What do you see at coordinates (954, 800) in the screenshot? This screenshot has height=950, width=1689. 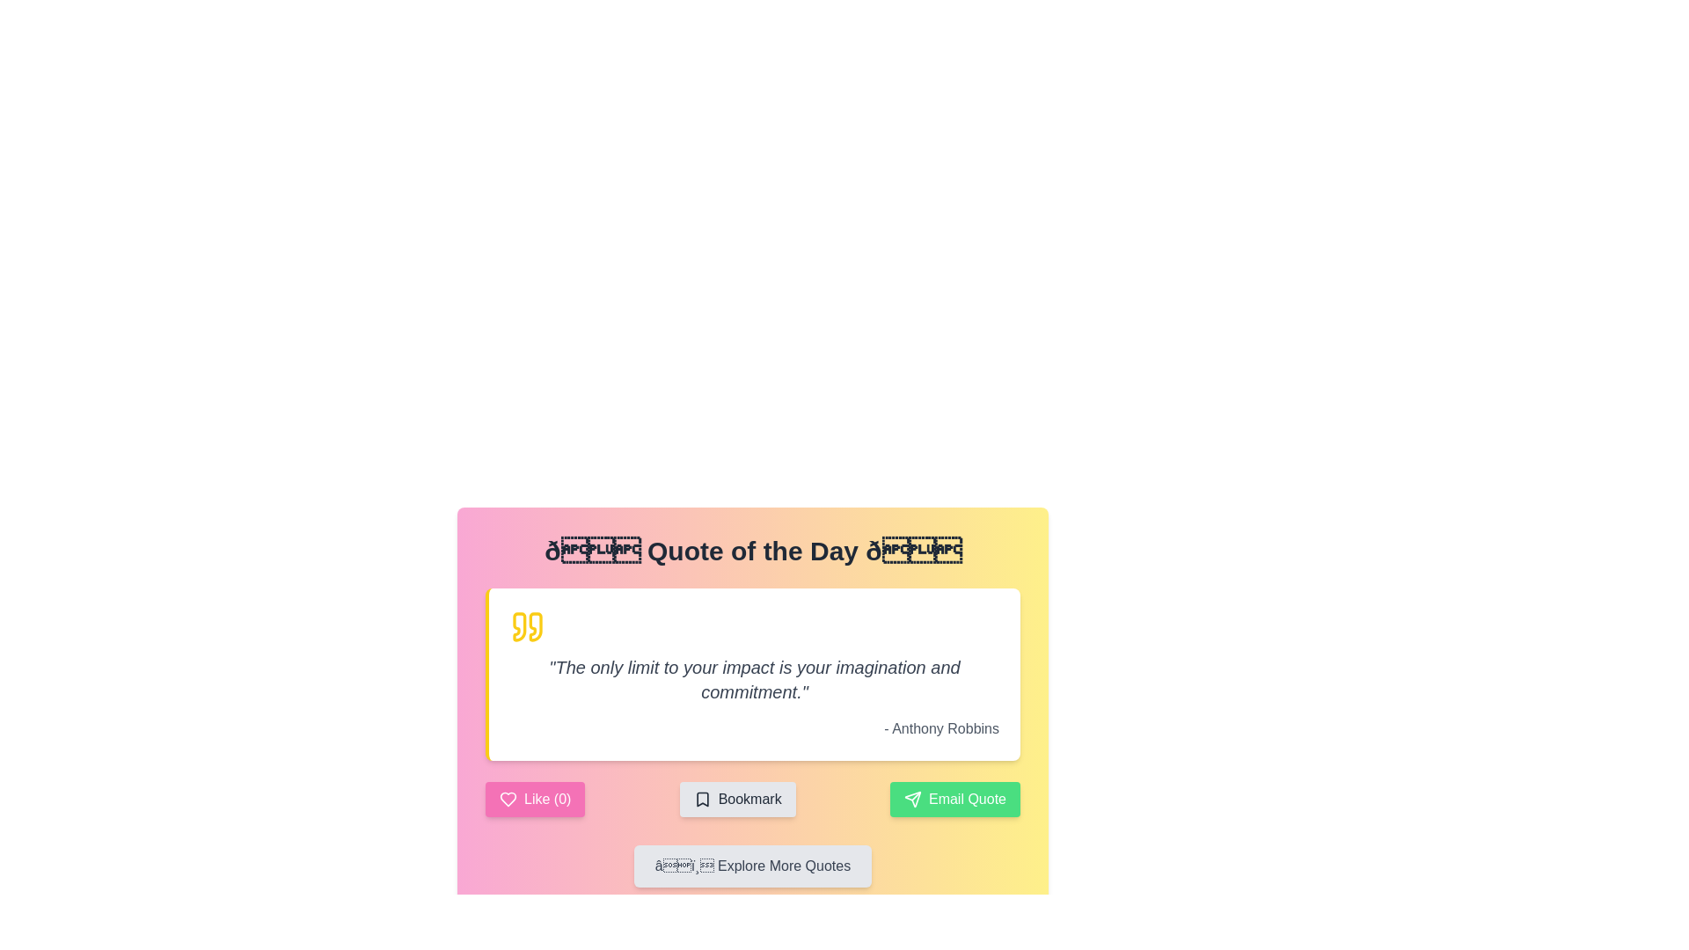 I see `the email quote button located at the bottom-right corner of the component, following the 'Bookmark' button` at bounding box center [954, 800].